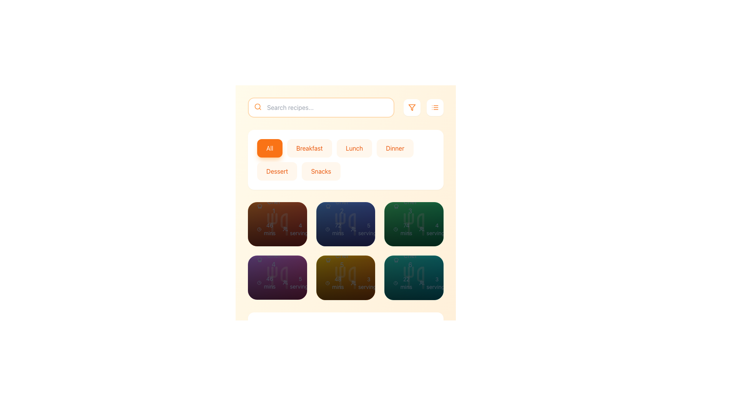  I want to click on the share button located in the bottom-right corner of the grid of recipe cards, specifically in the third column and second row, so click(437, 277).